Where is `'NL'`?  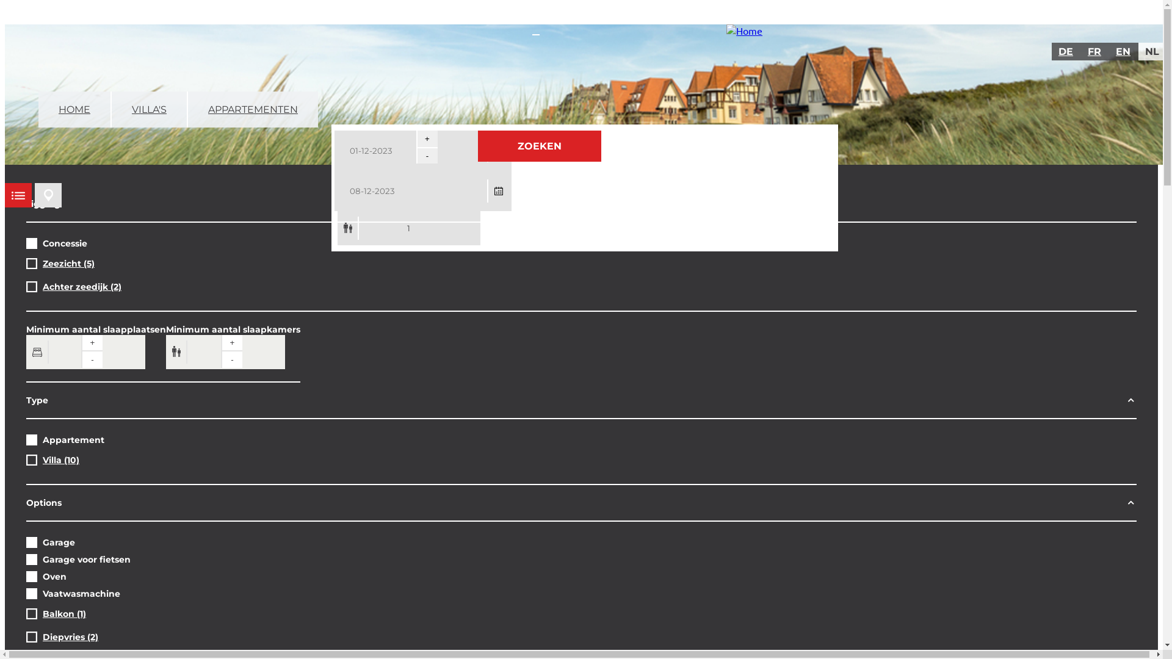 'NL' is located at coordinates (1152, 51).